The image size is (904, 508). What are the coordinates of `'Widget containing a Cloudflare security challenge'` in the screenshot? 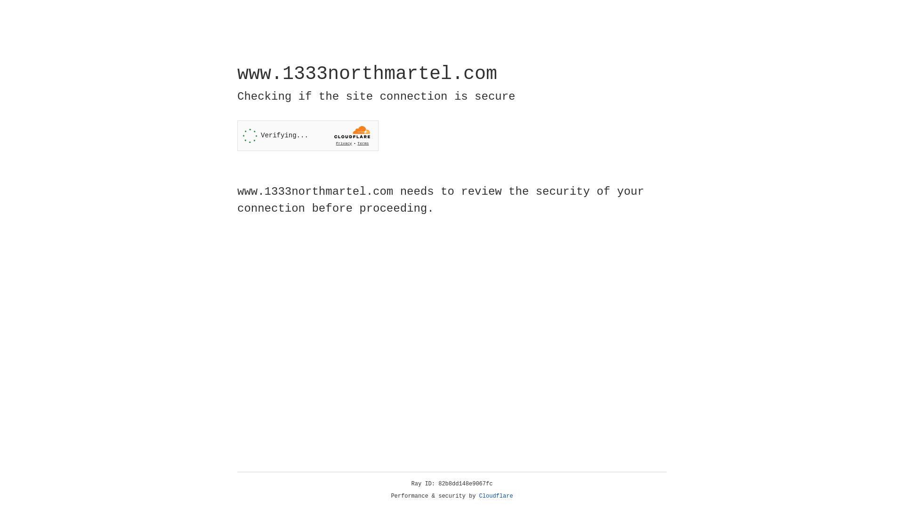 It's located at (307, 135).